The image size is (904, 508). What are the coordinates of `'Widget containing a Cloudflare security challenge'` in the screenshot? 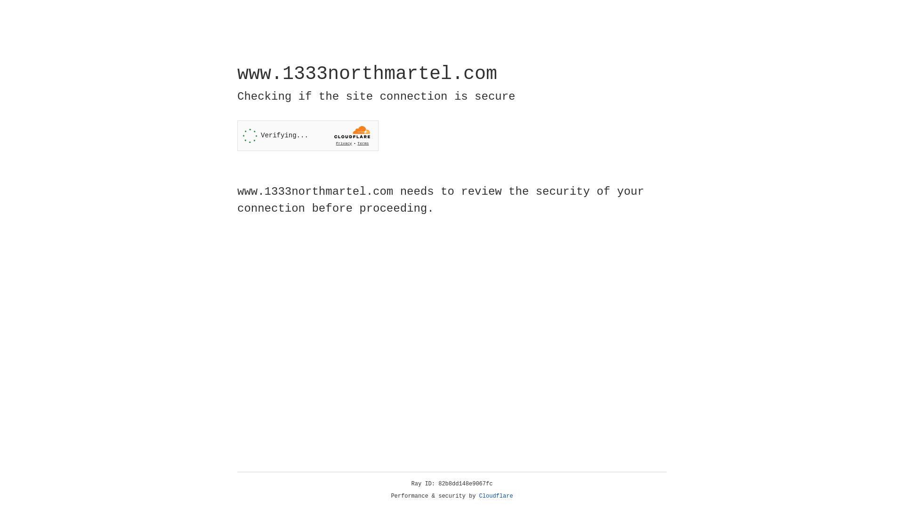 It's located at (307, 135).